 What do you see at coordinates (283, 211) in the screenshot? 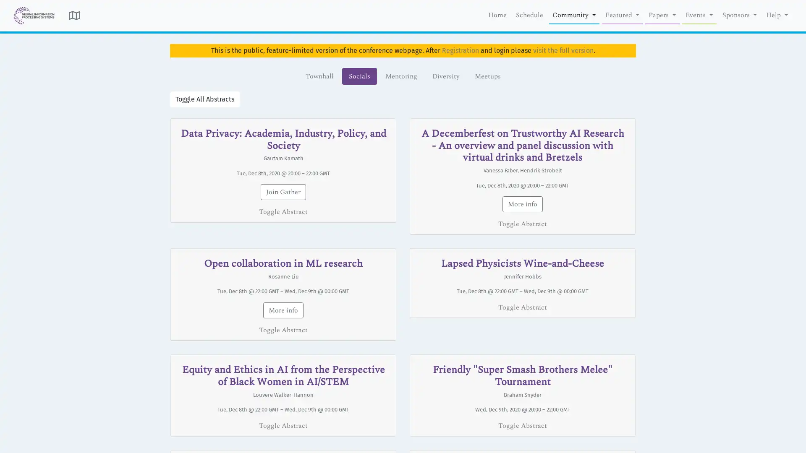
I see `Toggle Abstract` at bounding box center [283, 211].